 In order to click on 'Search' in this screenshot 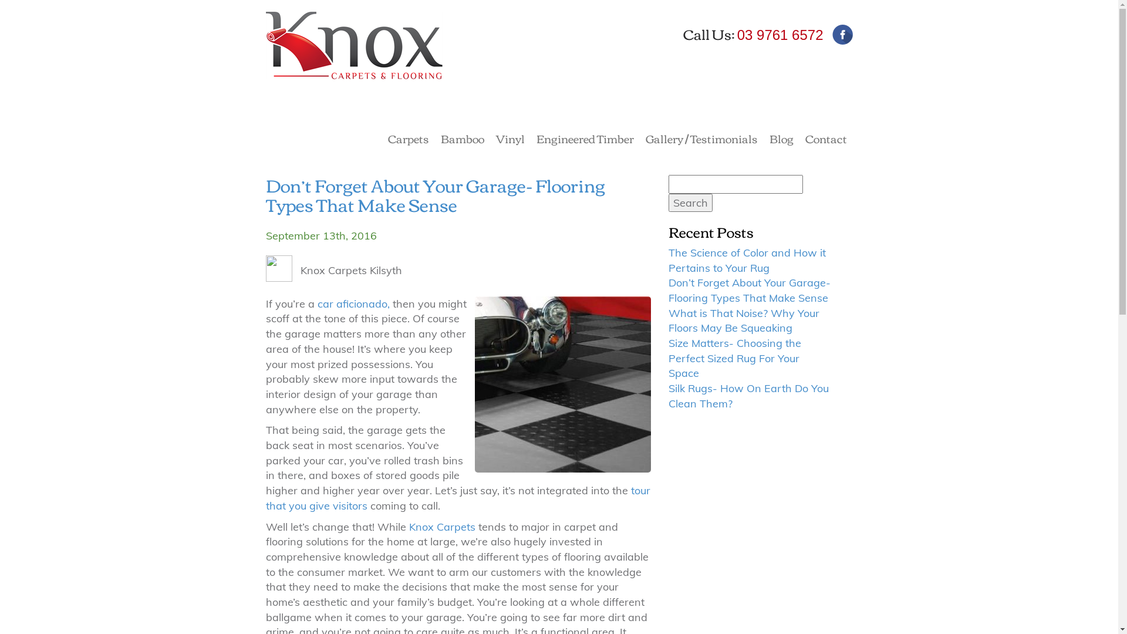, I will do `click(690, 203)`.